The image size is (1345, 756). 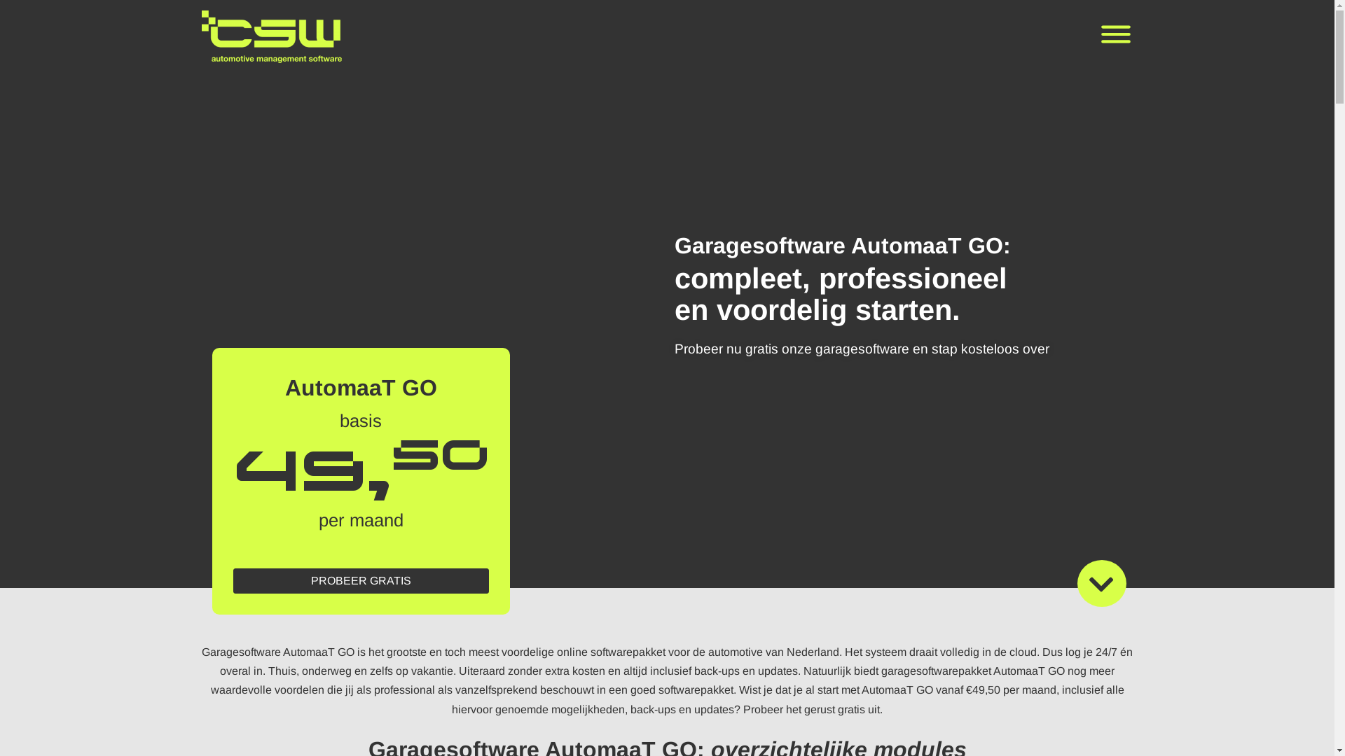 I want to click on 'PROBEER GRATIS', so click(x=360, y=580).